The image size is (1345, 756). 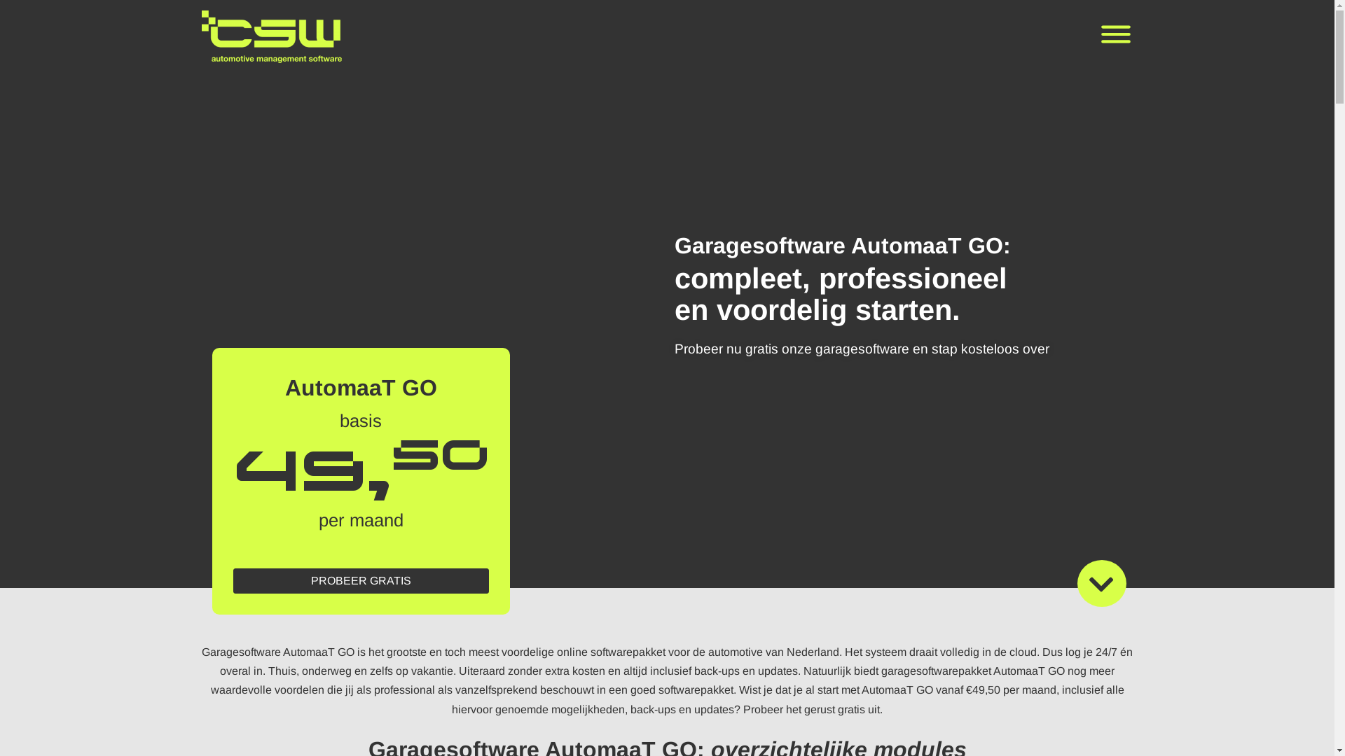 I want to click on 'PROBEER GRATIS', so click(x=360, y=580).